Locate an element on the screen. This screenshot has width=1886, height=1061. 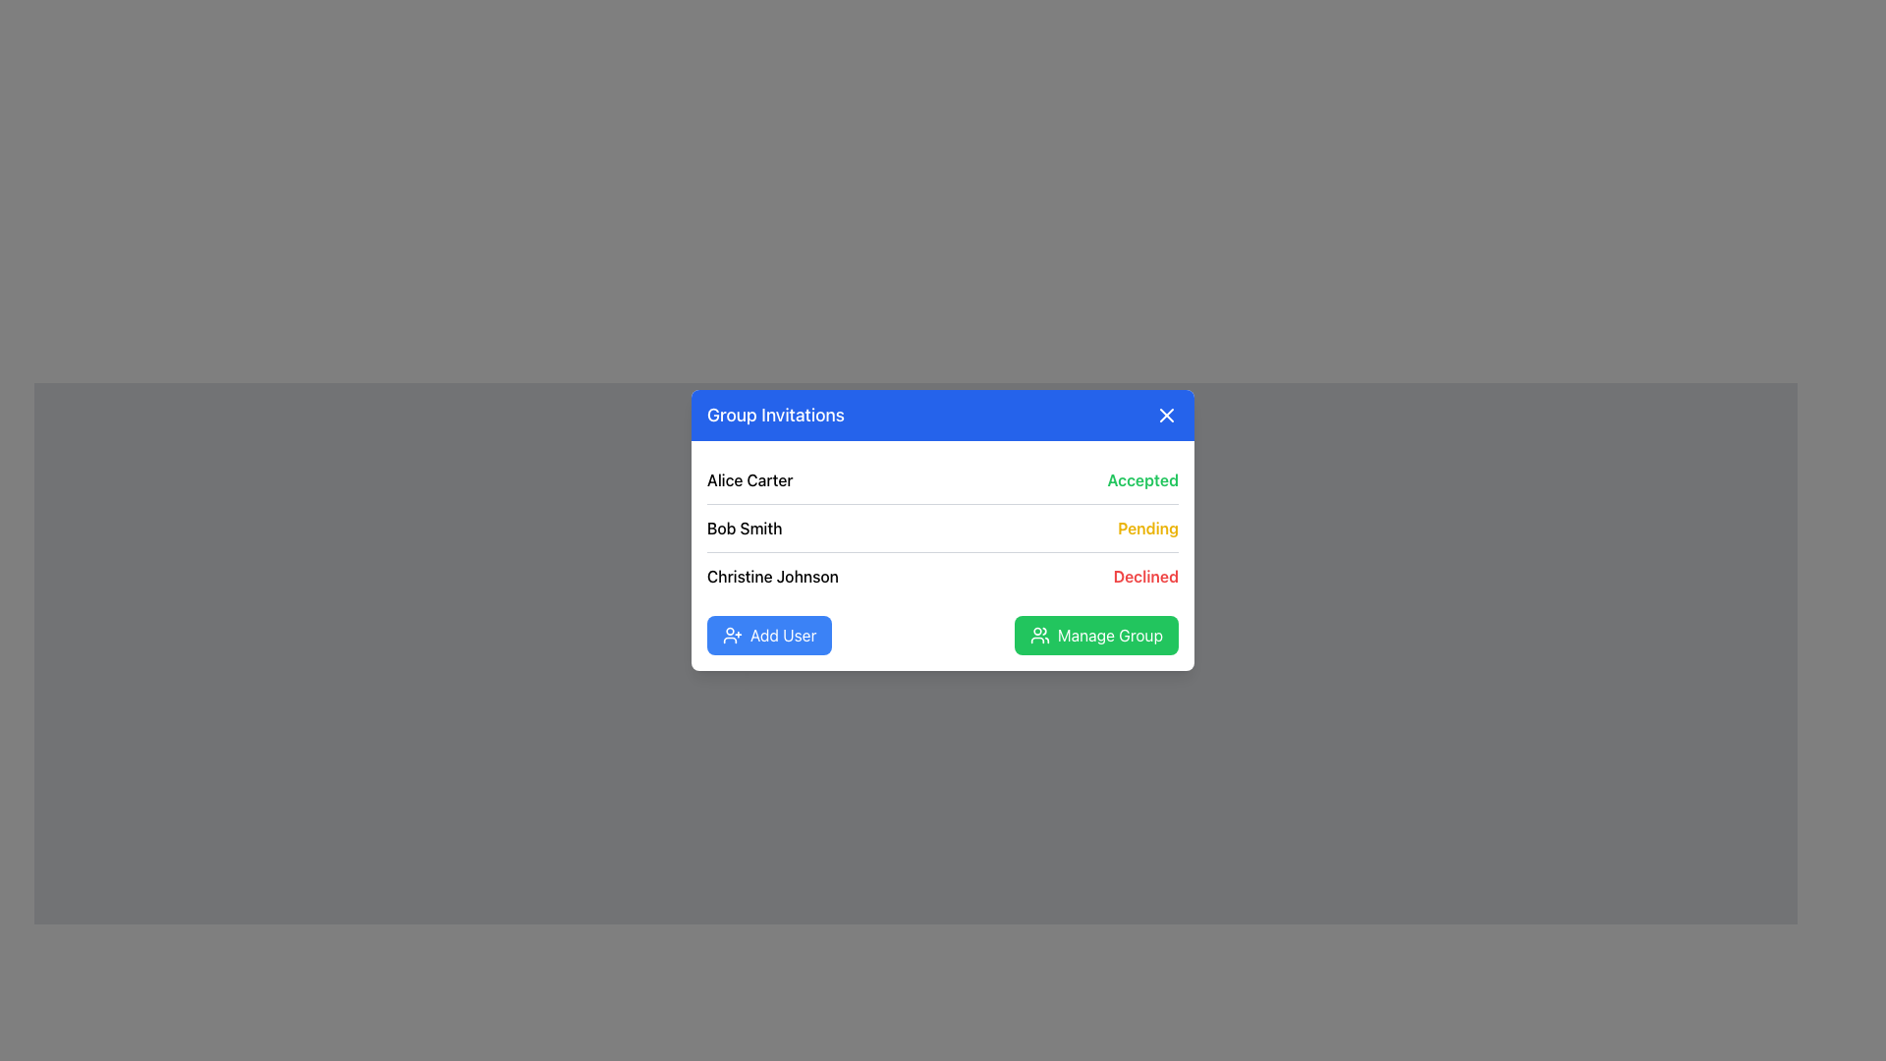
the user silhouette icon with a plus sign located inside the 'Add User' button at the bottom-left of the 'Group Invitations' panel is located at coordinates (731, 636).